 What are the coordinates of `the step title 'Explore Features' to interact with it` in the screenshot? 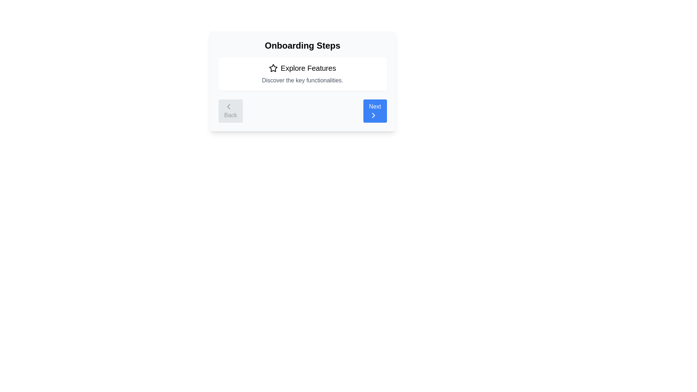 It's located at (302, 68).